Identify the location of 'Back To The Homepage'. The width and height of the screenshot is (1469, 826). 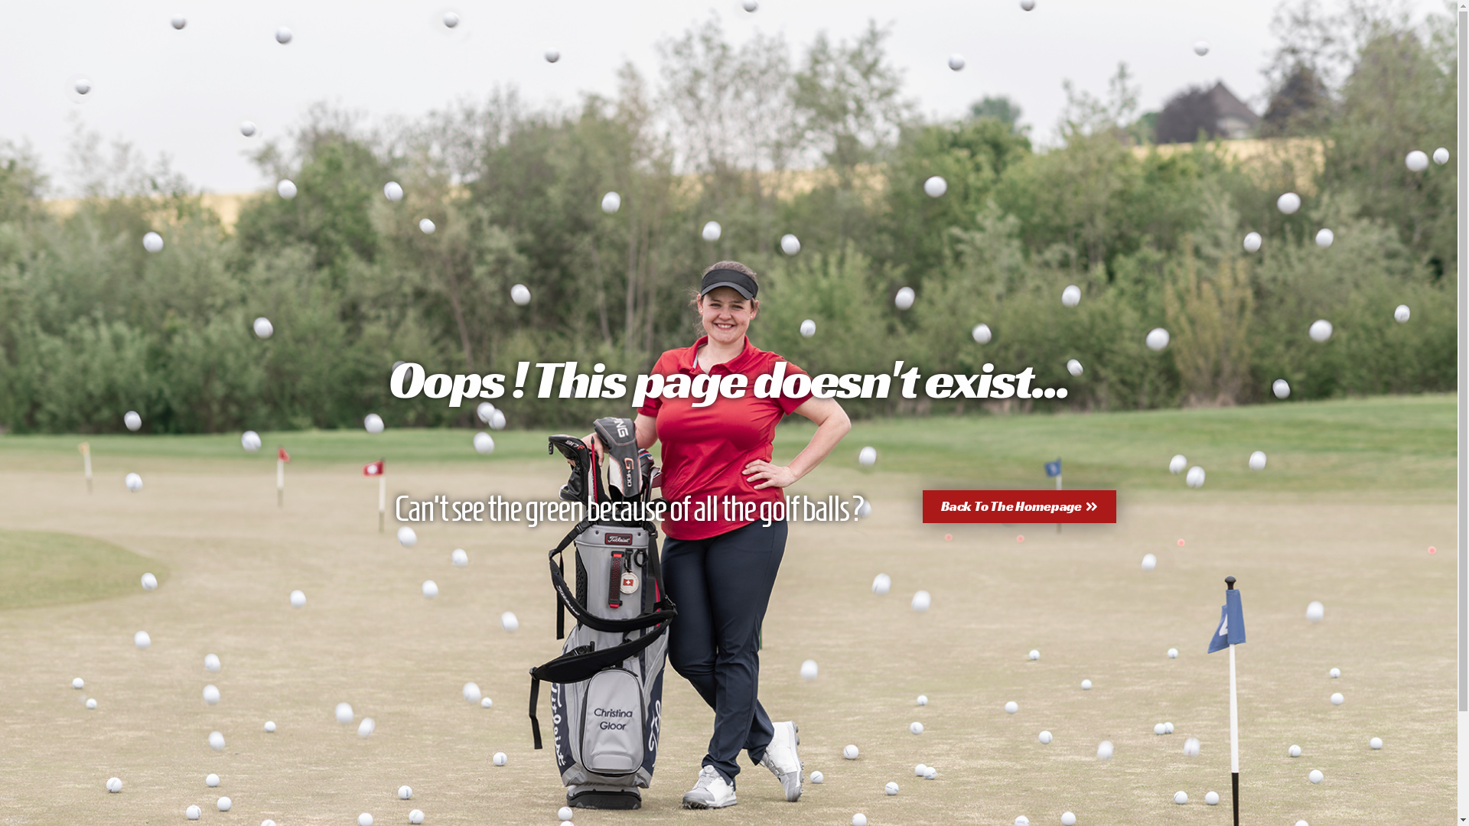
(1019, 506).